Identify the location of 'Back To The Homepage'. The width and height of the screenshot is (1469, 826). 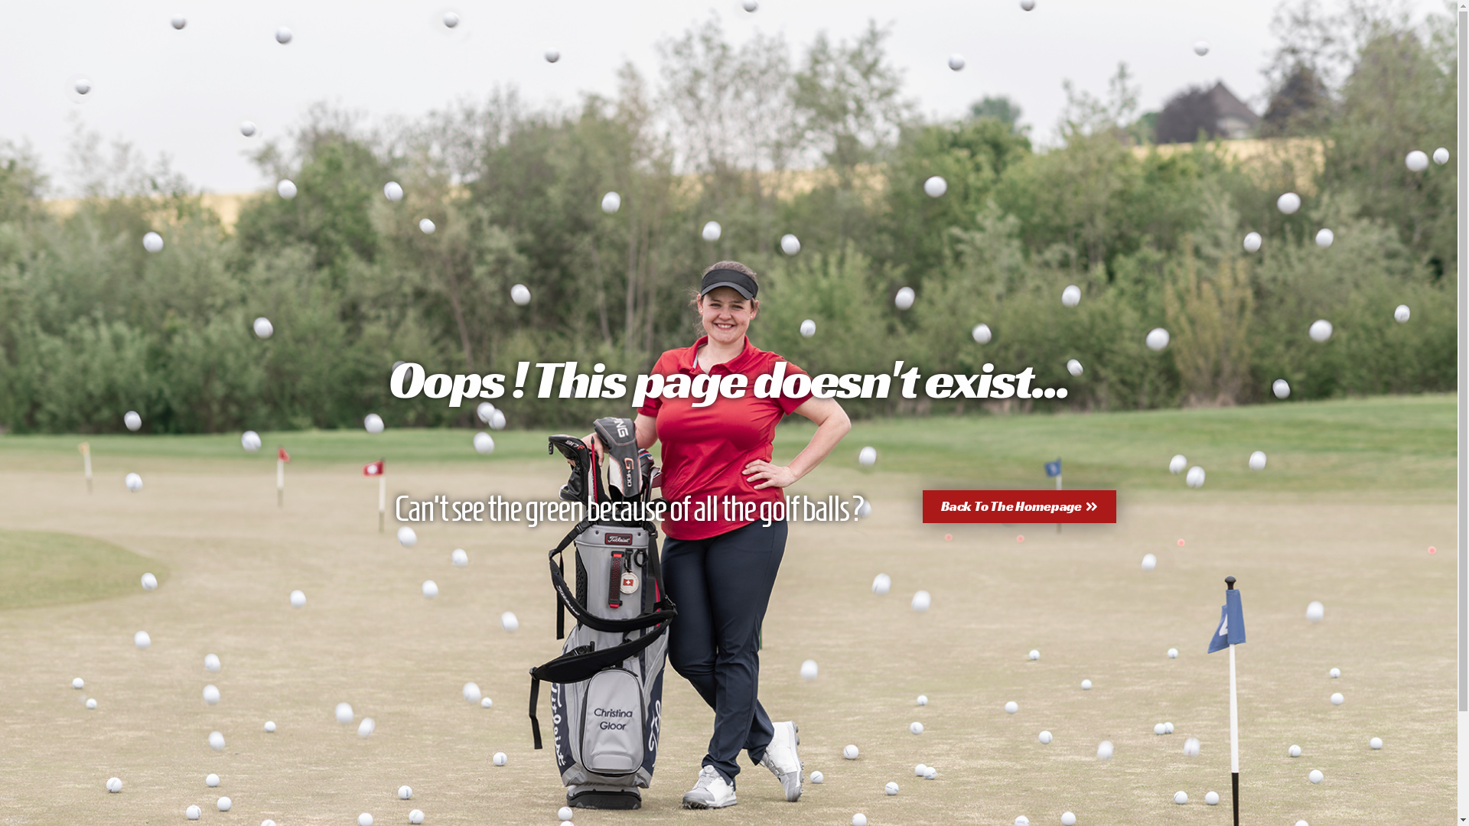
(1019, 506).